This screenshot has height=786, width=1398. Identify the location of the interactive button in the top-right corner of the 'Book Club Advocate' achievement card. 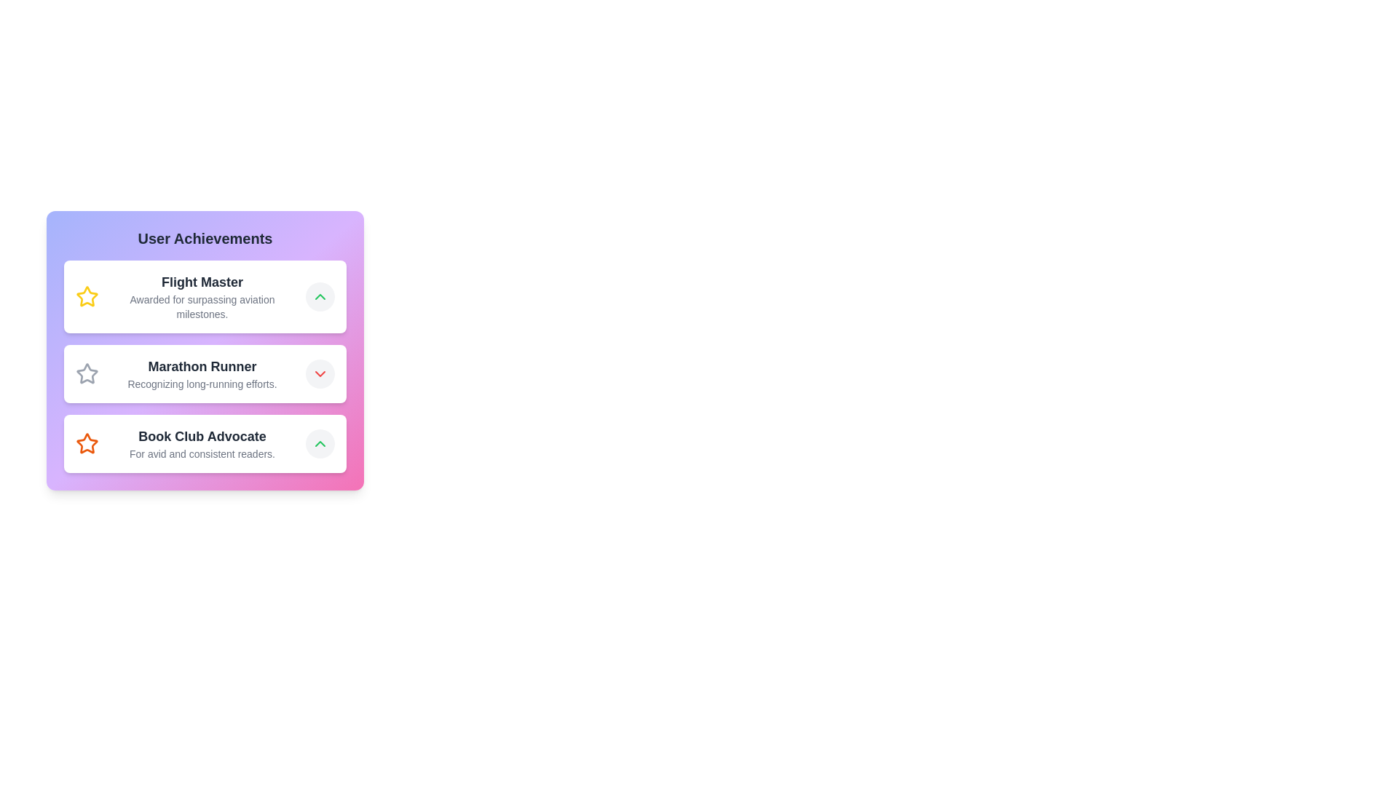
(320, 442).